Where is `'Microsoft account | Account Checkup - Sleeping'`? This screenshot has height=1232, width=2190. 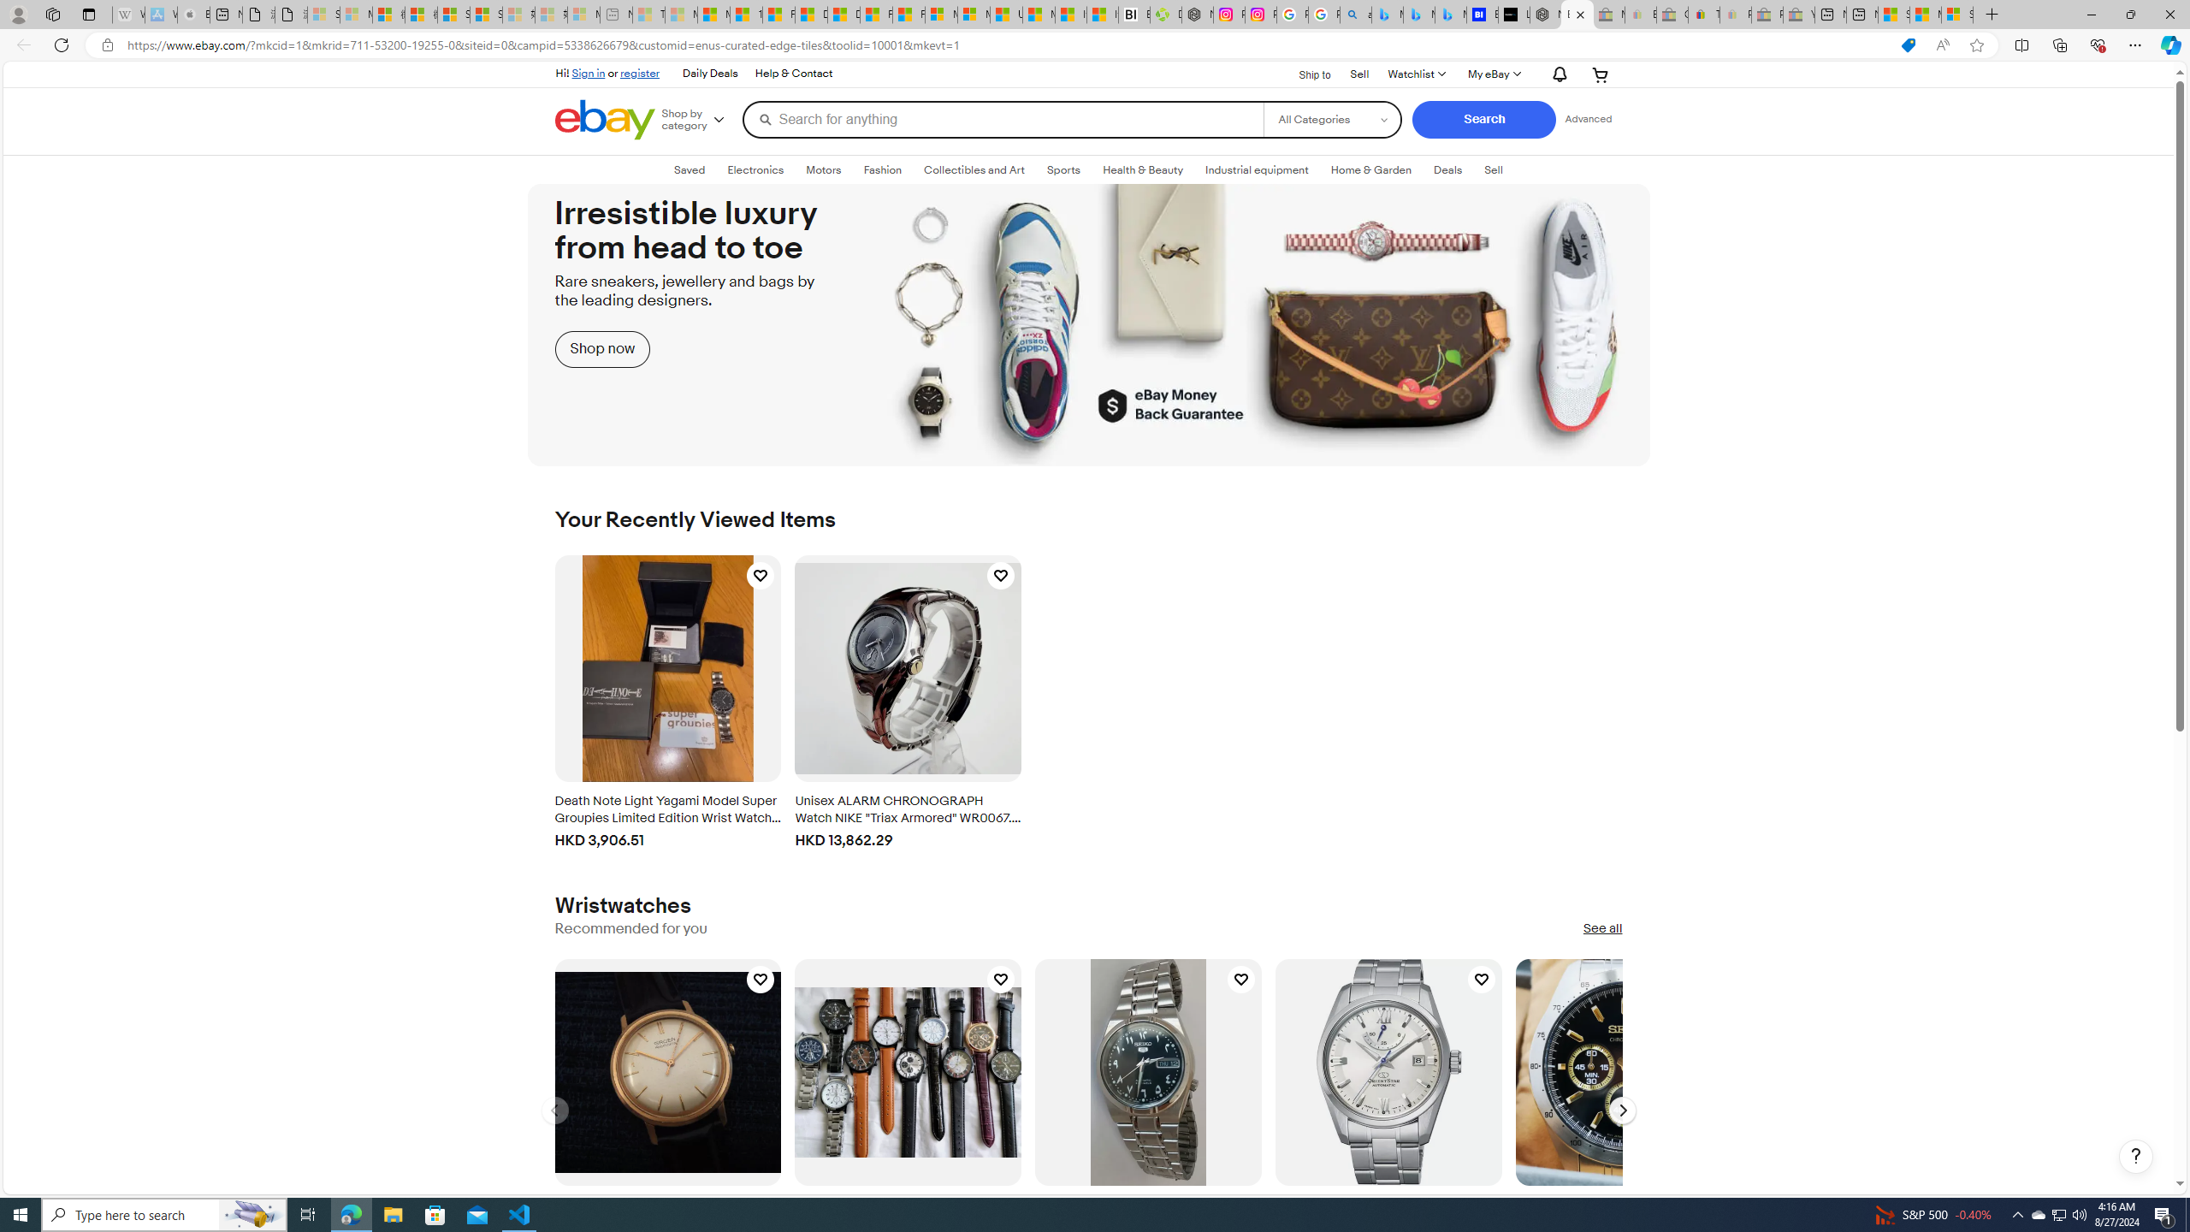
'Microsoft account | Account Checkup - Sleeping' is located at coordinates (583, 14).